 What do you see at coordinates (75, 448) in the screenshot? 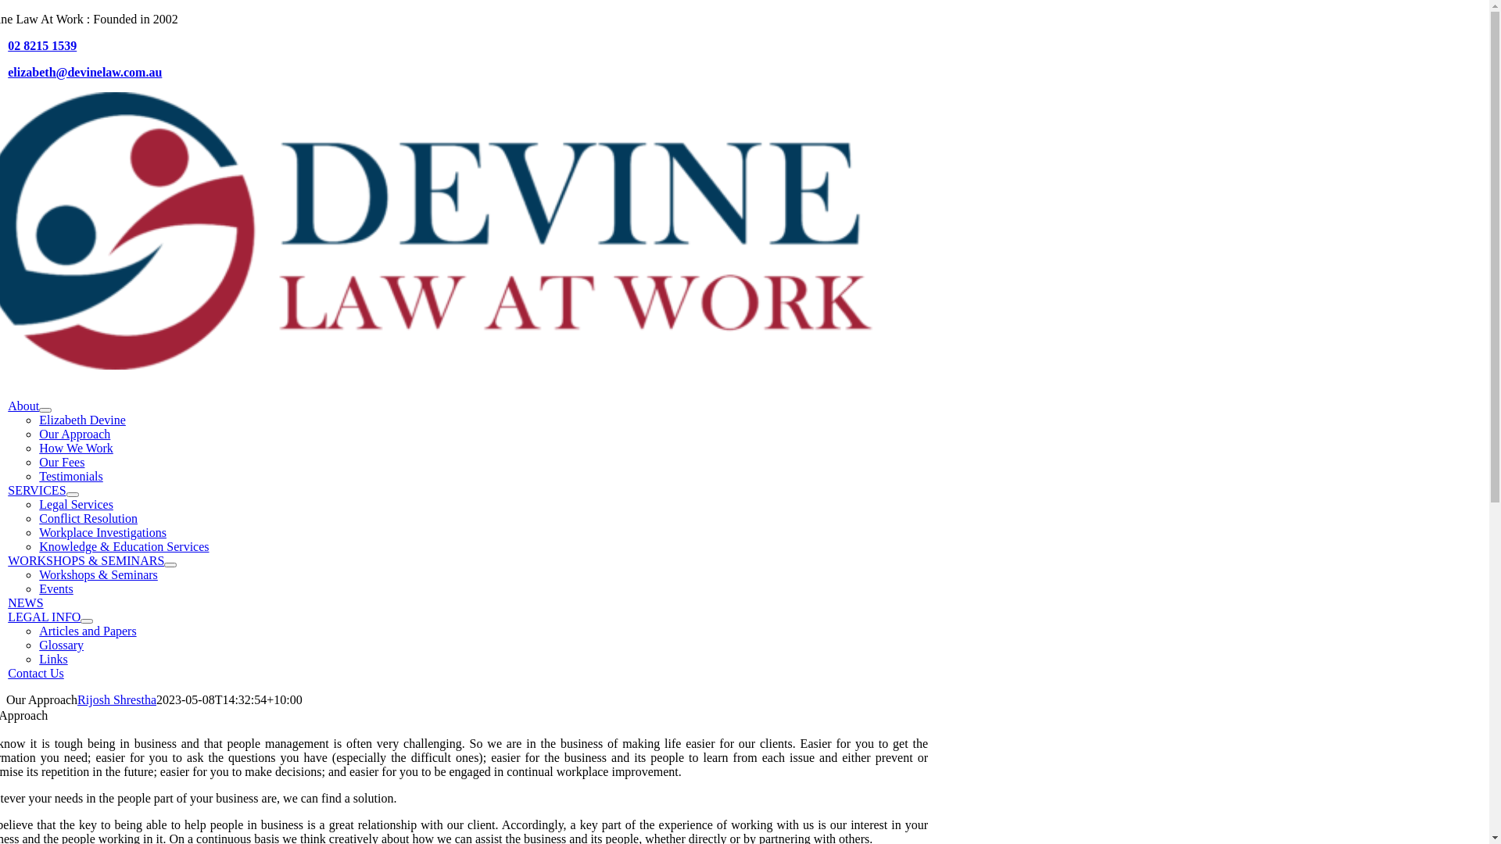
I see `'How We Work'` at bounding box center [75, 448].